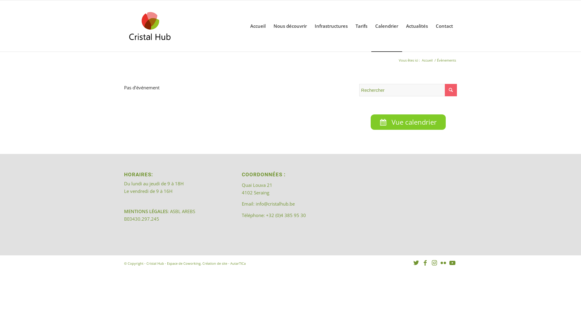 The width and height of the screenshot is (581, 326). I want to click on 'Contact', so click(444, 25).